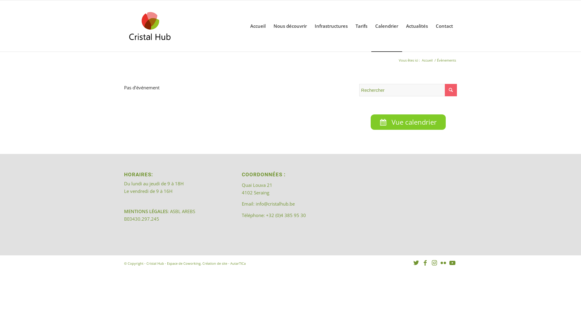 The width and height of the screenshot is (581, 326). I want to click on 'Contact', so click(444, 25).